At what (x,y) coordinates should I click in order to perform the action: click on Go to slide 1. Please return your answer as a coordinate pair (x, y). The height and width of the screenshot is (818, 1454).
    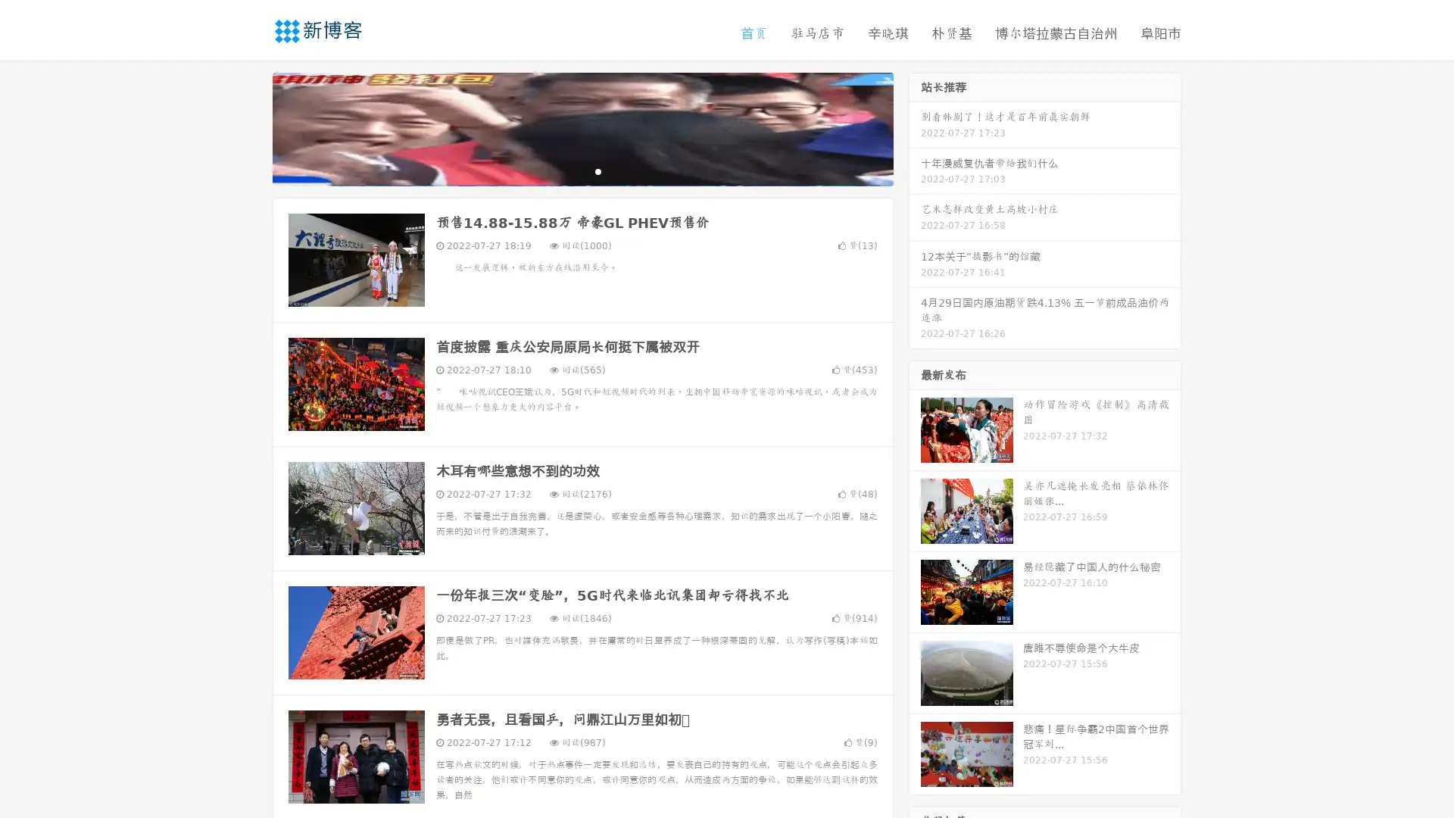
    Looking at the image, I should click on (566, 170).